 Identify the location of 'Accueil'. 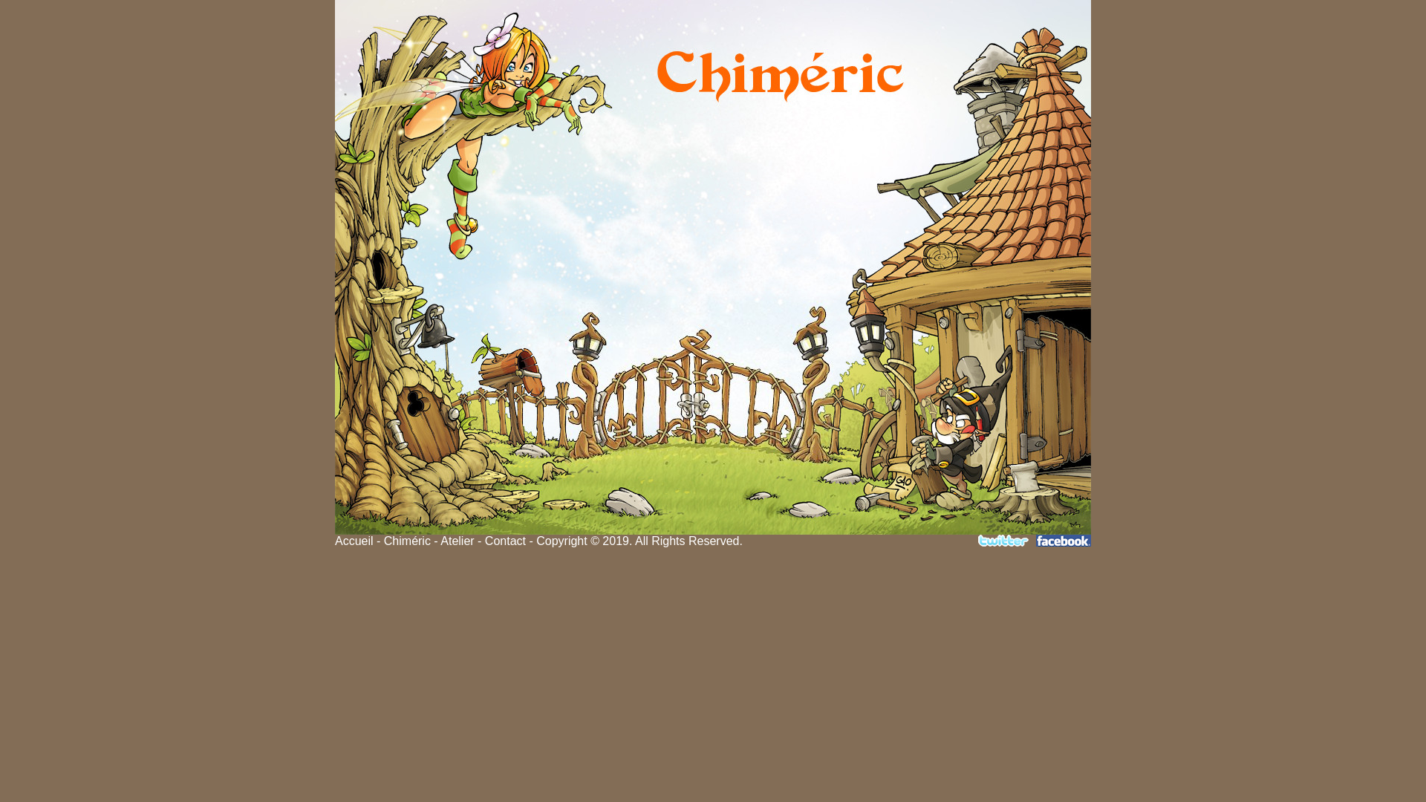
(353, 541).